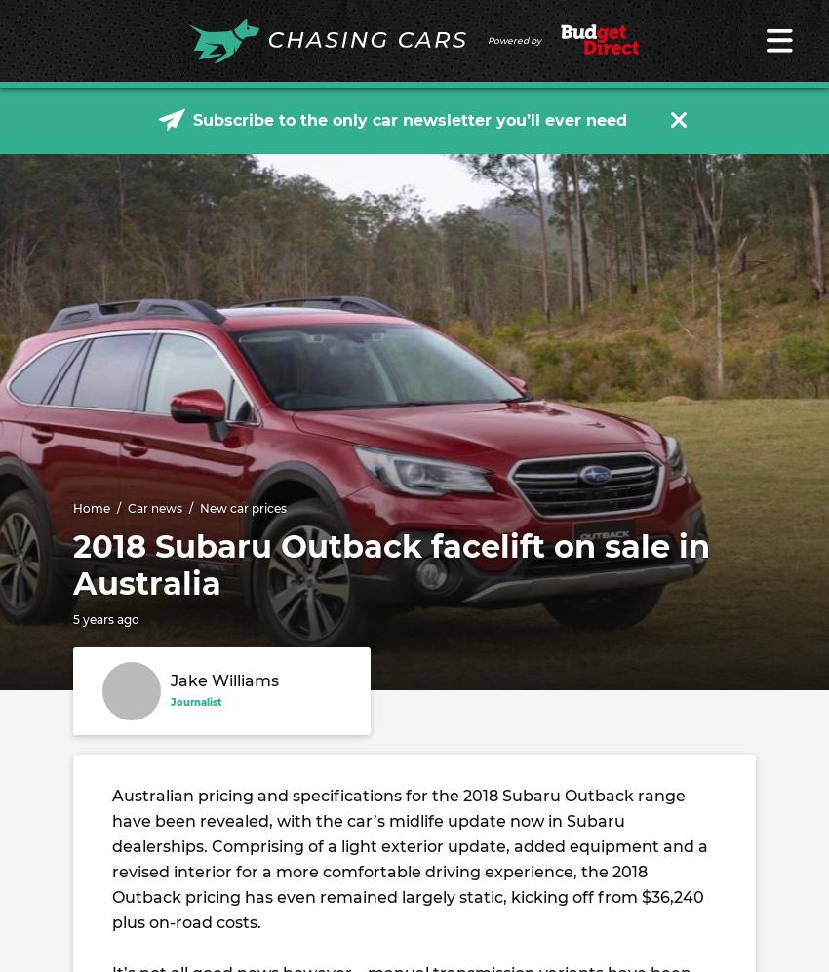 This screenshot has width=829, height=972. What do you see at coordinates (104, 617) in the screenshot?
I see `'5 years ago'` at bounding box center [104, 617].